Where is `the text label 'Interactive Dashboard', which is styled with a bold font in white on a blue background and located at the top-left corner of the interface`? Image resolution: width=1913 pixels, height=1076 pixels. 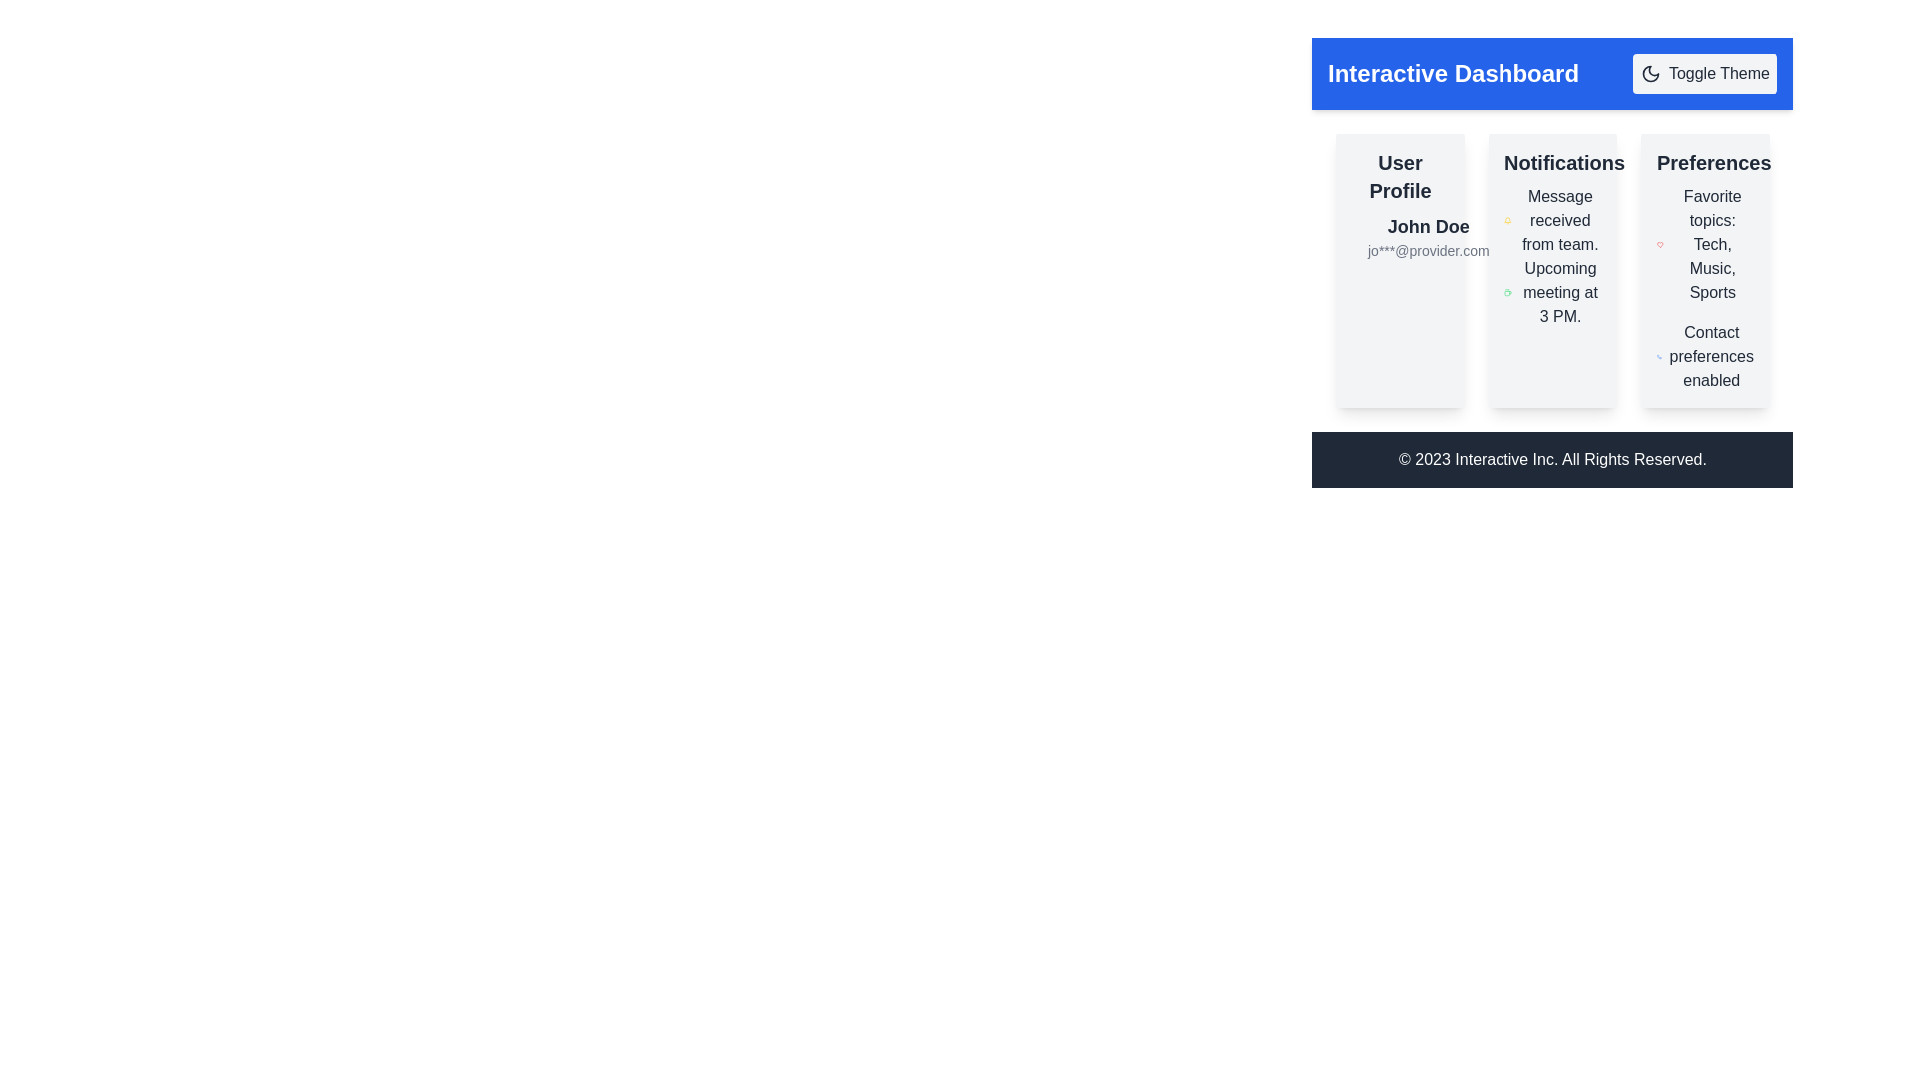 the text label 'Interactive Dashboard', which is styled with a bold font in white on a blue background and located at the top-left corner of the interface is located at coordinates (1454, 72).